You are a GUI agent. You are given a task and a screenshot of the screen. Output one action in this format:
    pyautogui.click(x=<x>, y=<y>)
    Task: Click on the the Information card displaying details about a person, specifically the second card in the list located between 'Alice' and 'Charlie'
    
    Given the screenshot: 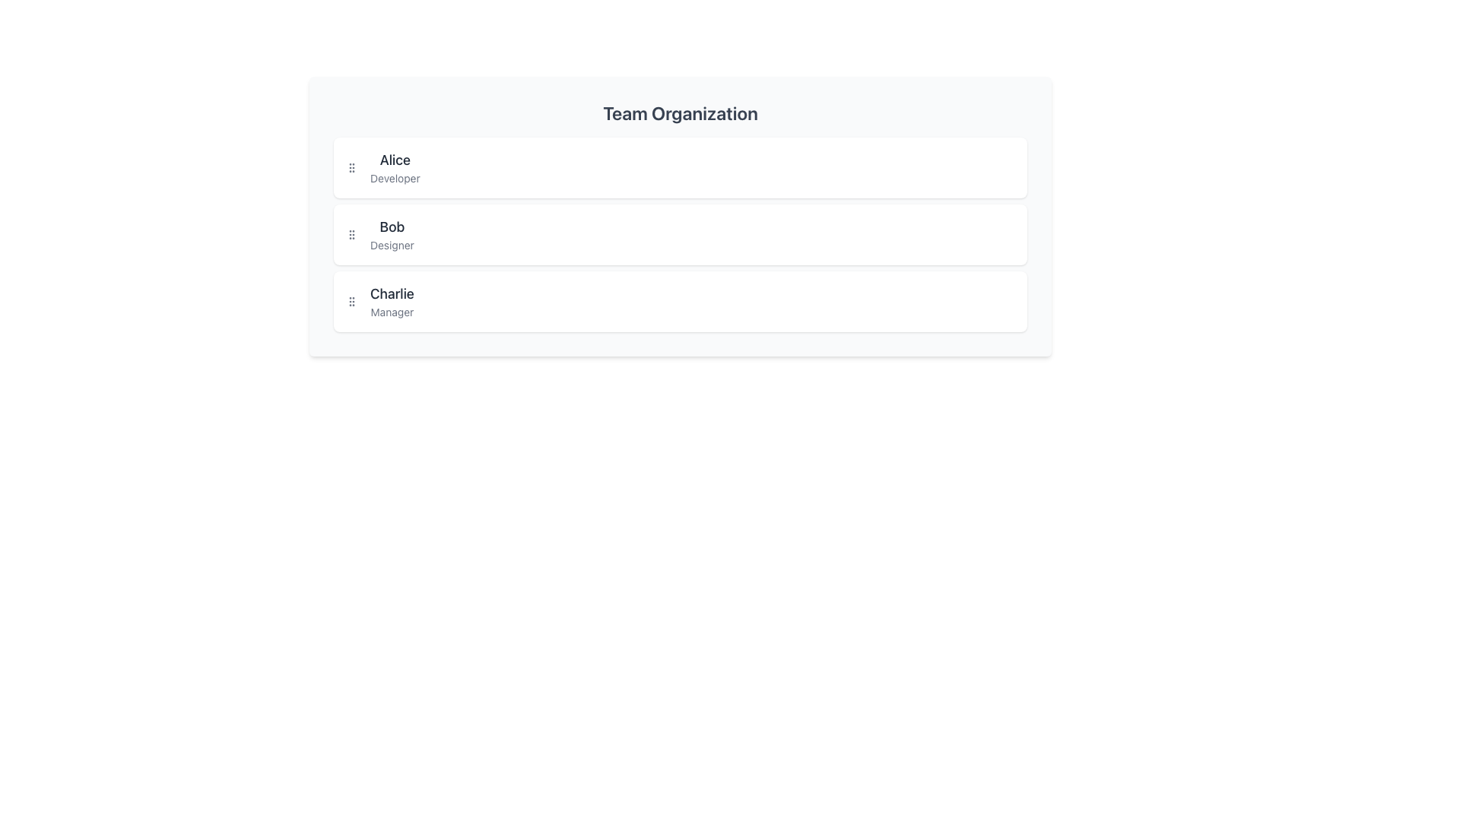 What is the action you would take?
    pyautogui.click(x=679, y=234)
    